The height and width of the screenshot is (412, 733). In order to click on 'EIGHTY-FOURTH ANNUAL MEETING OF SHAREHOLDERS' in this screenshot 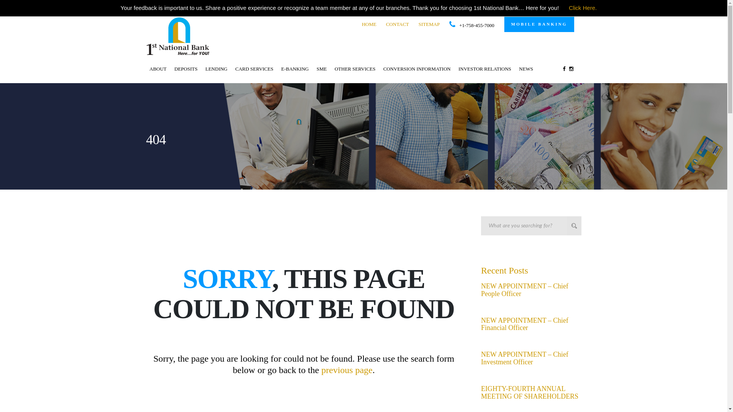, I will do `click(529, 393)`.